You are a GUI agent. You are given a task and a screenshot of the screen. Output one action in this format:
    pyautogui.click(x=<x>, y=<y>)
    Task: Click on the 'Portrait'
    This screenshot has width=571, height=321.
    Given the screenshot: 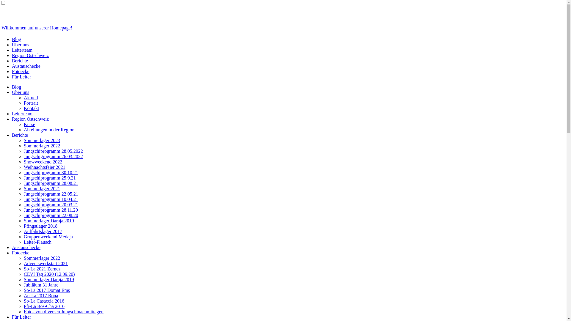 What is the action you would take?
    pyautogui.click(x=31, y=103)
    